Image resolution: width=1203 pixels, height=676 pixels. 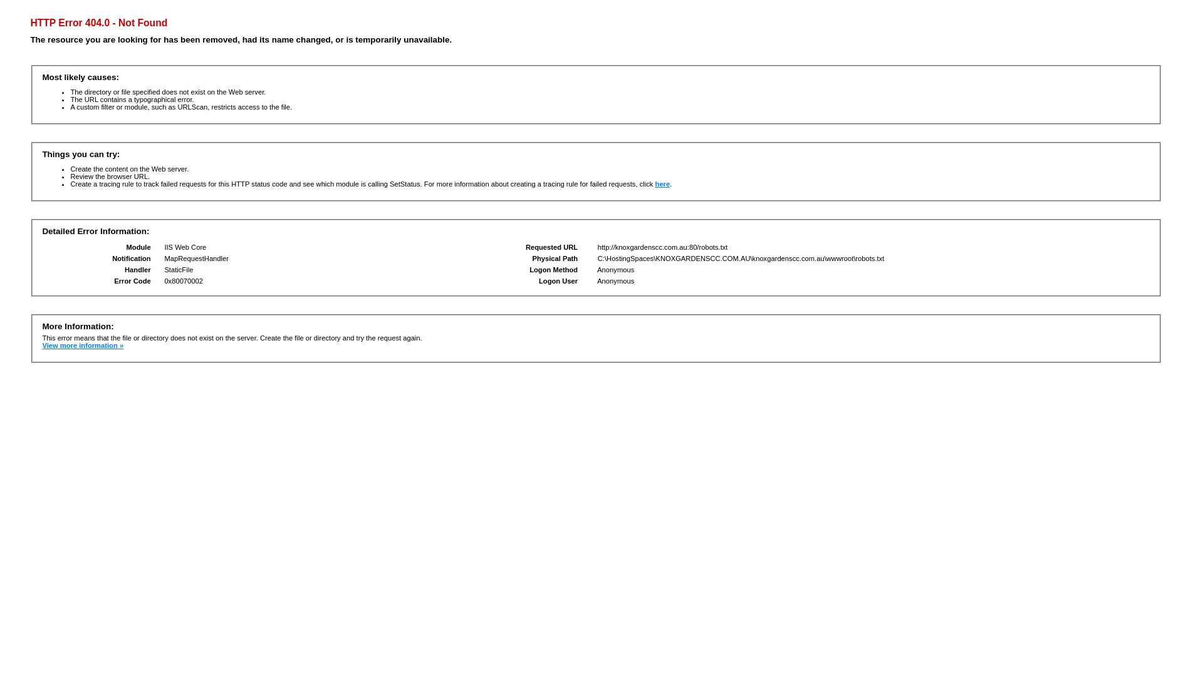 I want to click on 'here', so click(x=662, y=183).